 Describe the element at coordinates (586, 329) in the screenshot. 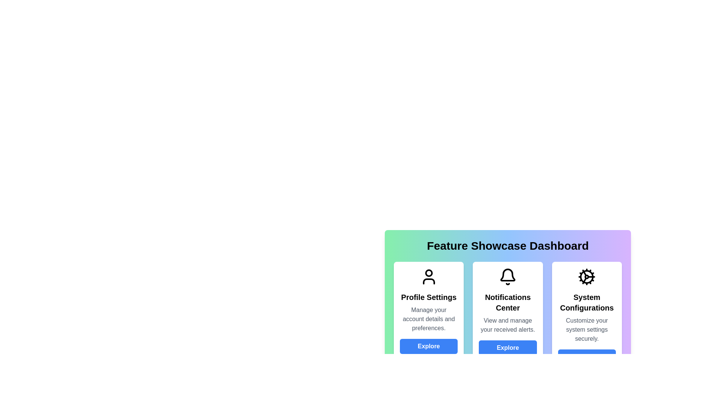

I see `supplementary information text block located in the bottom section of the 'System Configurations' card, positioned below the card title and above the 'Explore' button` at that location.